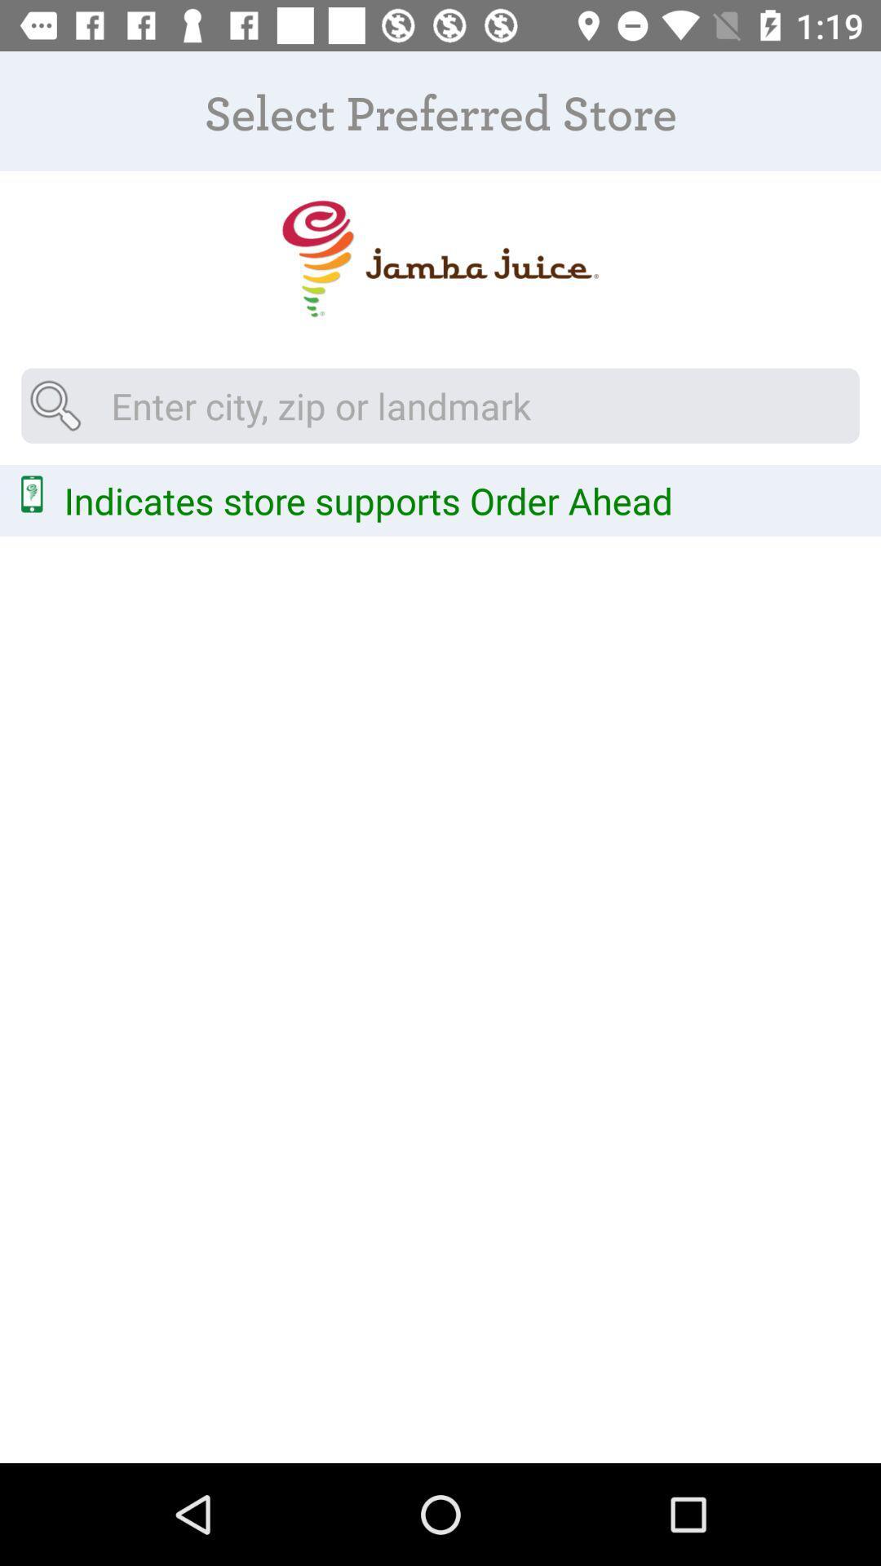  What do you see at coordinates (439, 258) in the screenshot?
I see `open store page` at bounding box center [439, 258].